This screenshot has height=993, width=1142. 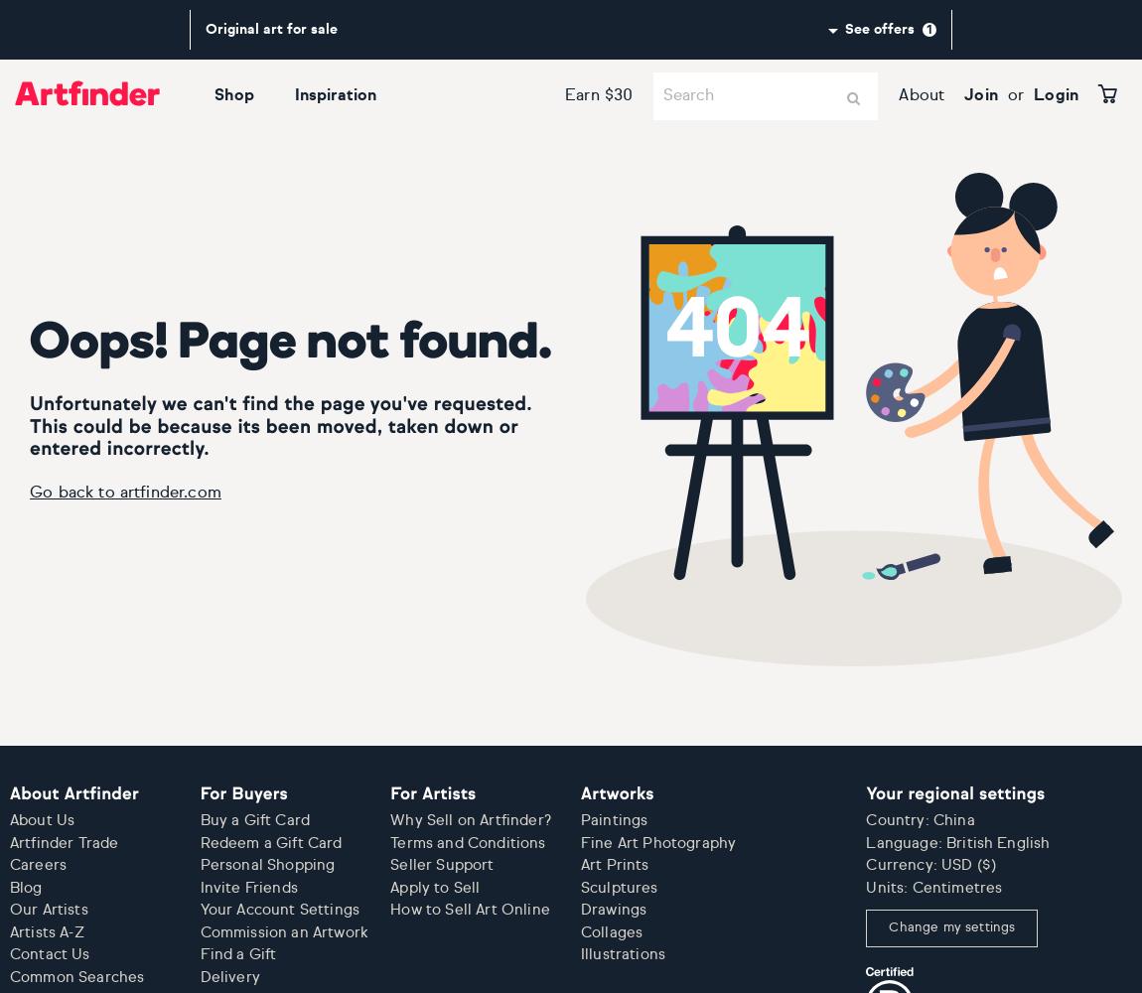 I want to click on 'Budget', so click(x=107, y=75).